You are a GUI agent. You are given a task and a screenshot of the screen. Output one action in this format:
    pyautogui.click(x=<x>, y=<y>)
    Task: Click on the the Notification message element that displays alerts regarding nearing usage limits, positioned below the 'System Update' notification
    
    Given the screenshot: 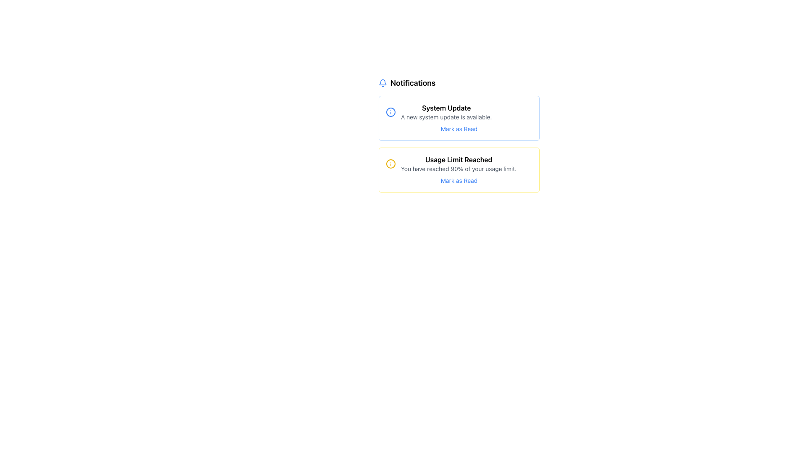 What is the action you would take?
    pyautogui.click(x=459, y=164)
    